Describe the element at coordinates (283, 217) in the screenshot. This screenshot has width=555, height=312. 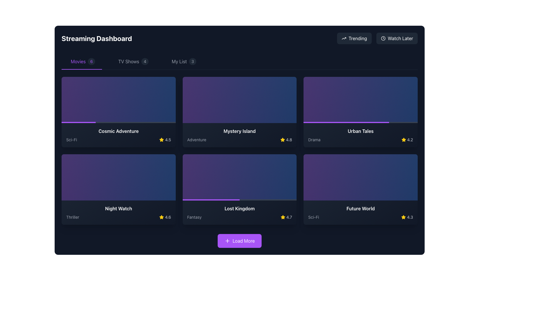
I see `the yellow star icon representing the rating for the movie 'Lost Kingdom', located next to the numeric rating '4.7' and the label 'Fantasy'` at that location.